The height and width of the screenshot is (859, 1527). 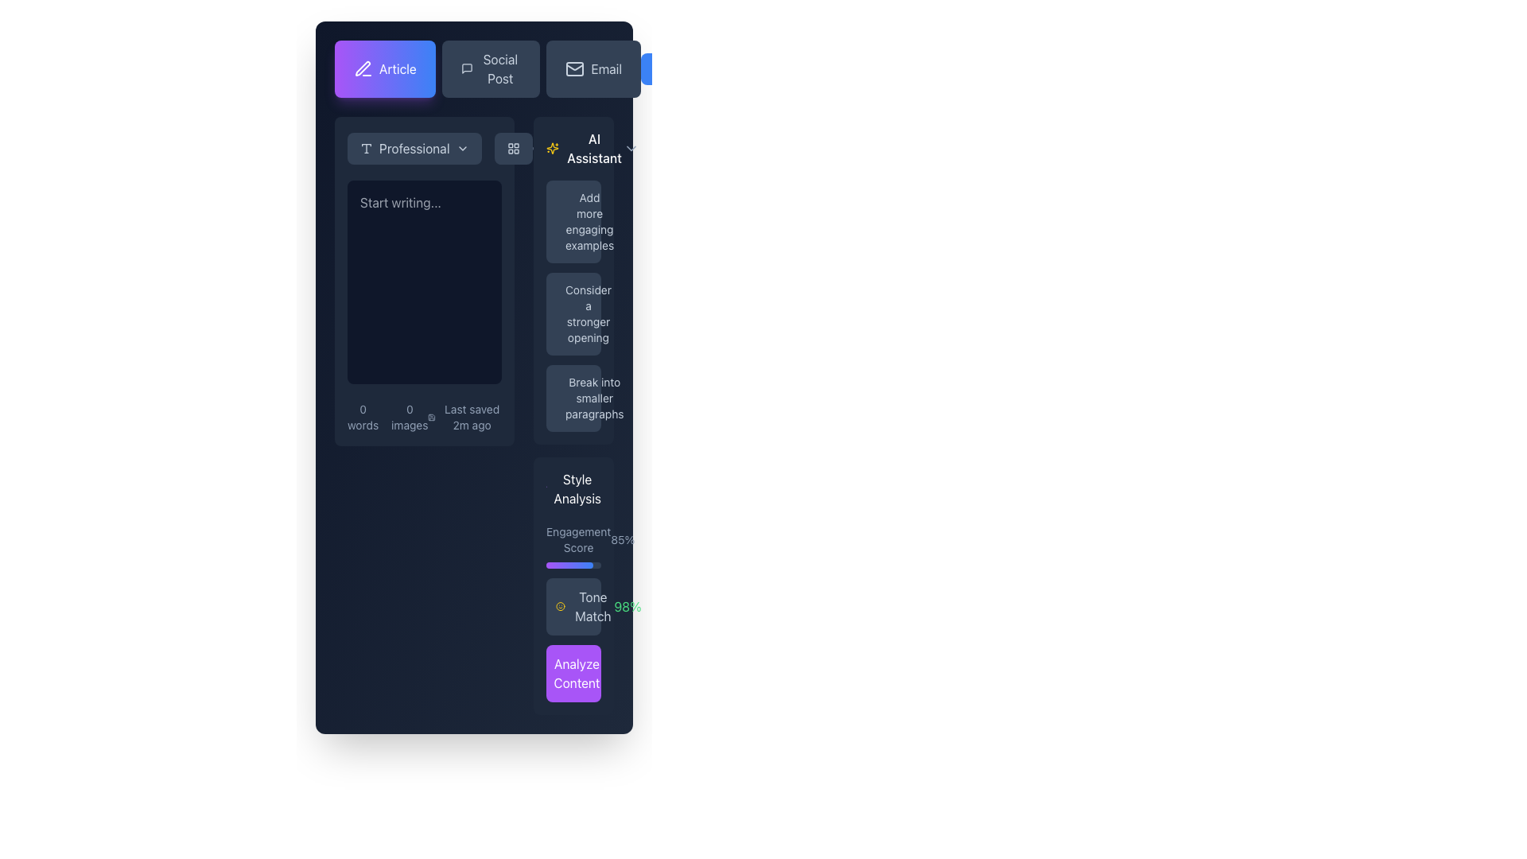 I want to click on the 'Professional' dropdown menu, so click(x=440, y=148).